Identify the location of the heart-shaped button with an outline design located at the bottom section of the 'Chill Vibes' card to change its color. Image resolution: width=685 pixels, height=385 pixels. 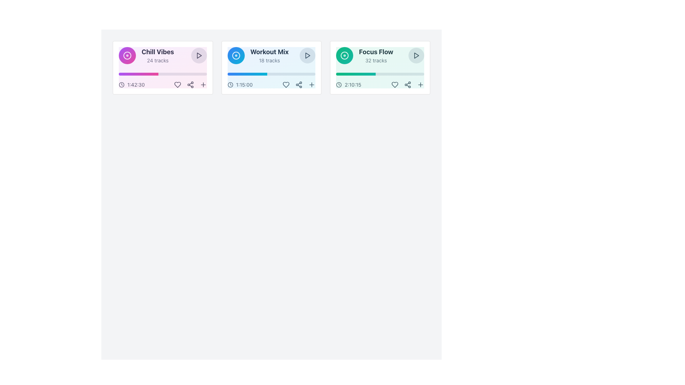
(177, 84).